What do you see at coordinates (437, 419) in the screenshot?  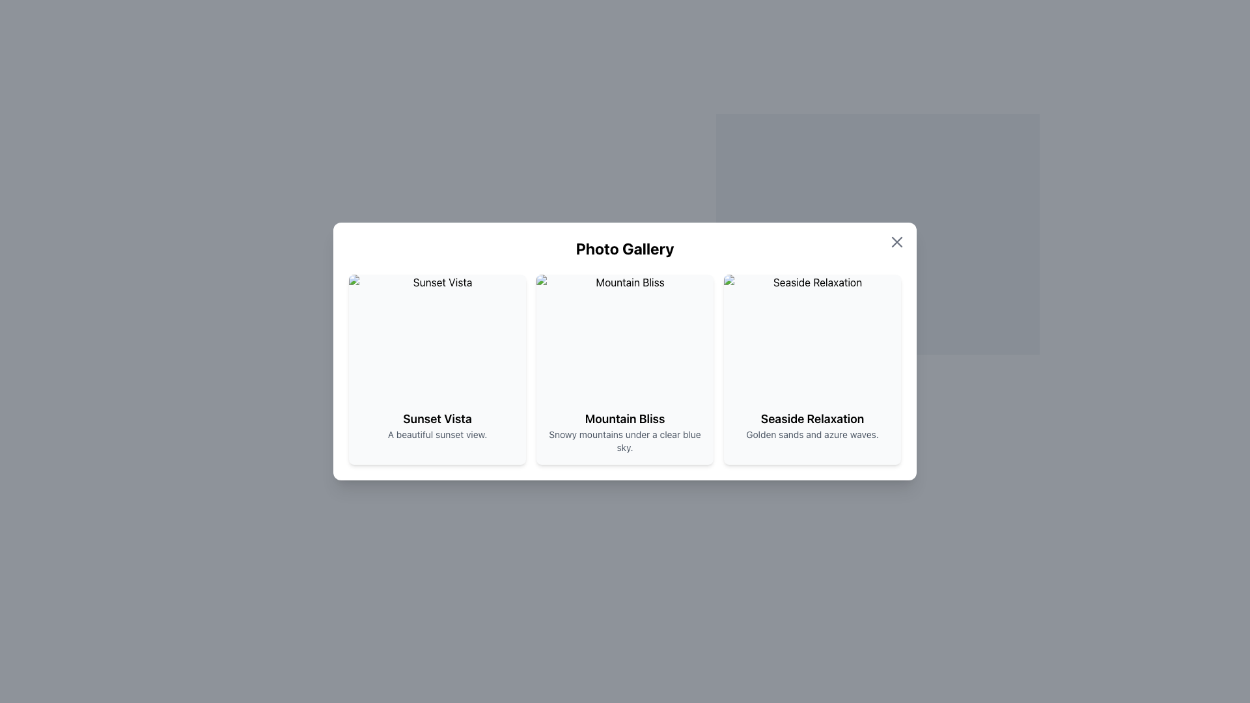 I see `the title text component within the leftmost card of the three-card layout in the 'Photo Gallery' panel, which identifies the content or theme of the card` at bounding box center [437, 419].